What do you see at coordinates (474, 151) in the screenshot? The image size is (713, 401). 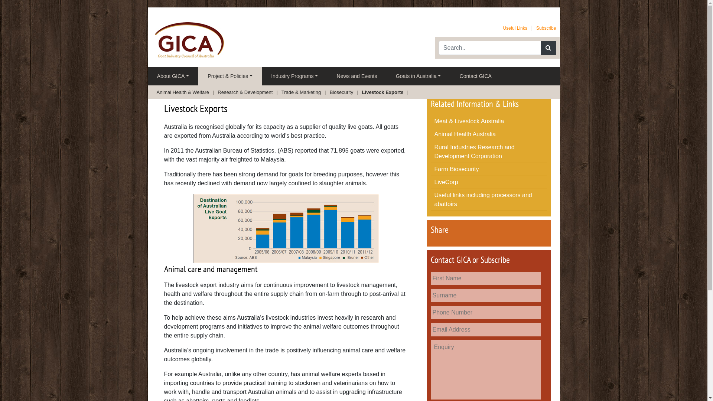 I see `'Rural Industries Research and Development Corporation'` at bounding box center [474, 151].